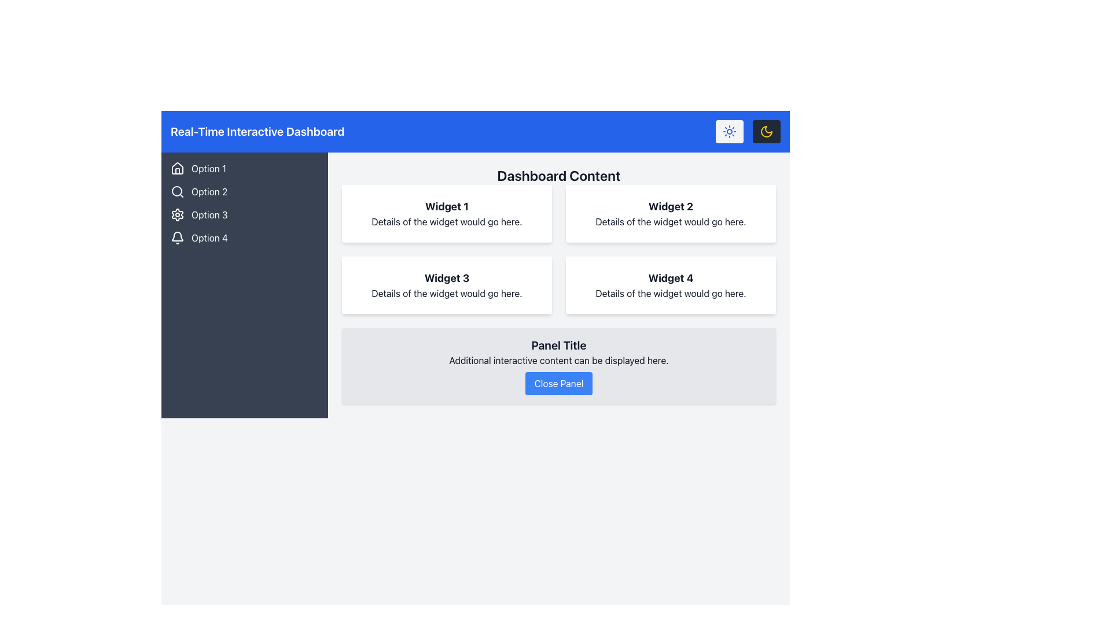  Describe the element at coordinates (446, 222) in the screenshot. I see `the text block providing descriptive details associated with 'Widget 1' located in the Dashboard Content section` at that location.